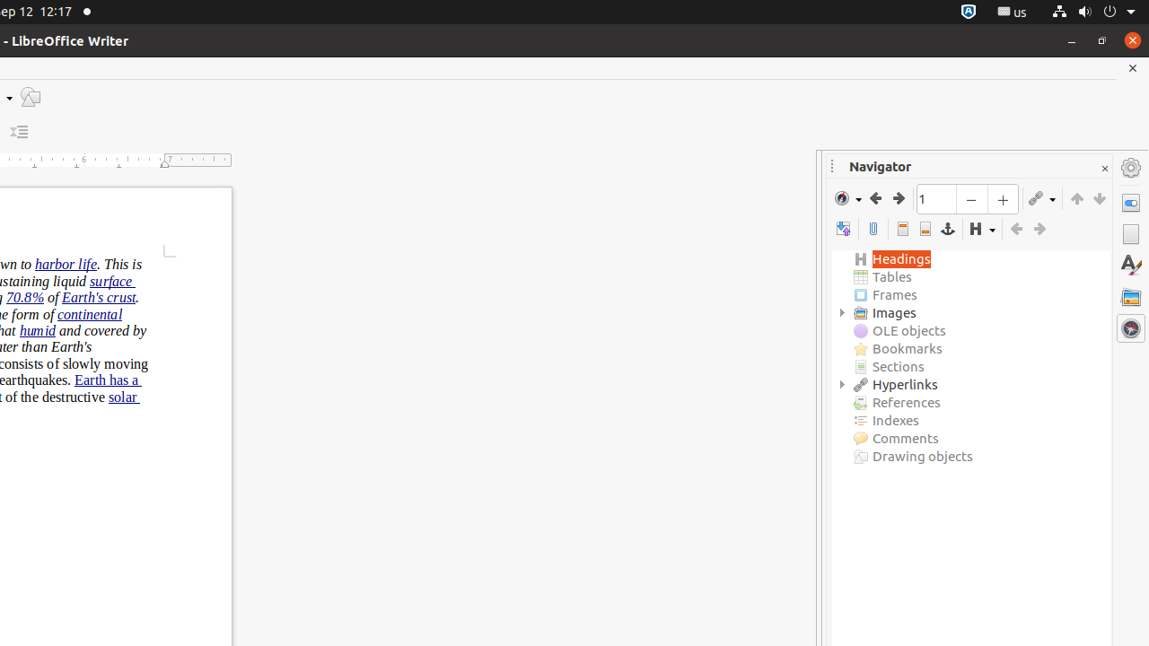 Image resolution: width=1149 pixels, height=646 pixels. I want to click on 'System', so click(1092, 12).